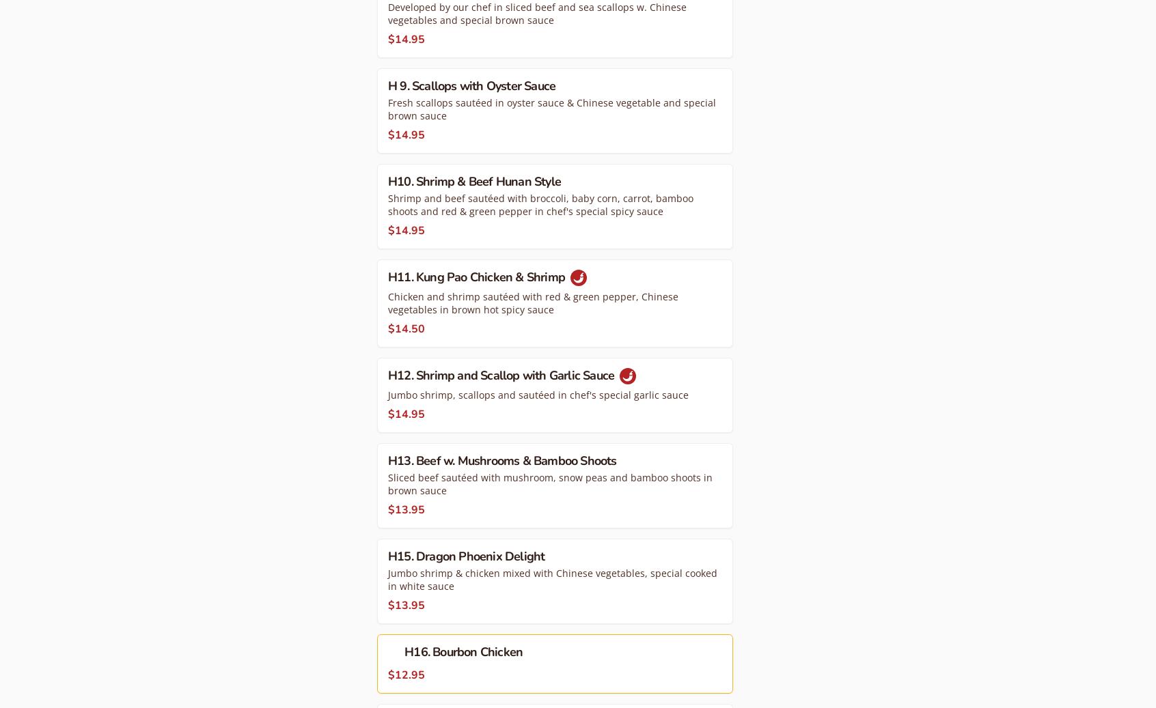 The height and width of the screenshot is (708, 1156). I want to click on 'H11. Kung Pao Chicken & Shrimp', so click(478, 275).